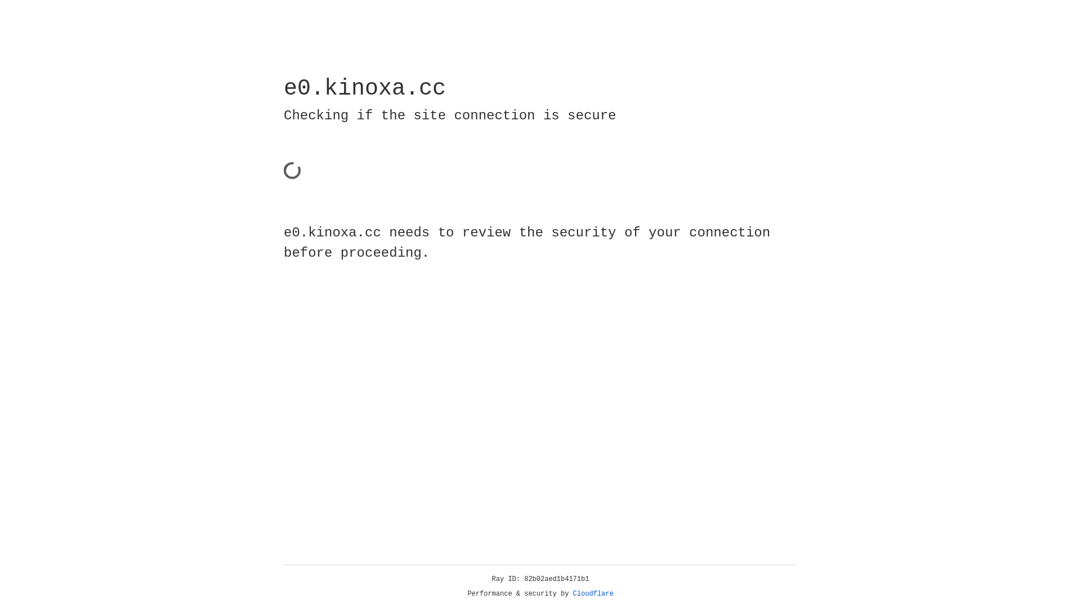  What do you see at coordinates (593, 593) in the screenshot?
I see `'Cloudflare'` at bounding box center [593, 593].